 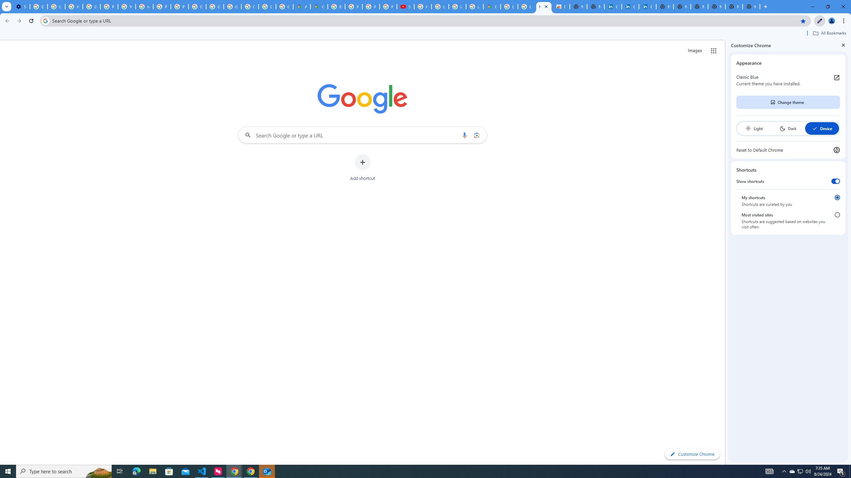 What do you see at coordinates (38, 6) in the screenshot?
I see `'Delete photos & videos - Computer - Google Photos Help'` at bounding box center [38, 6].